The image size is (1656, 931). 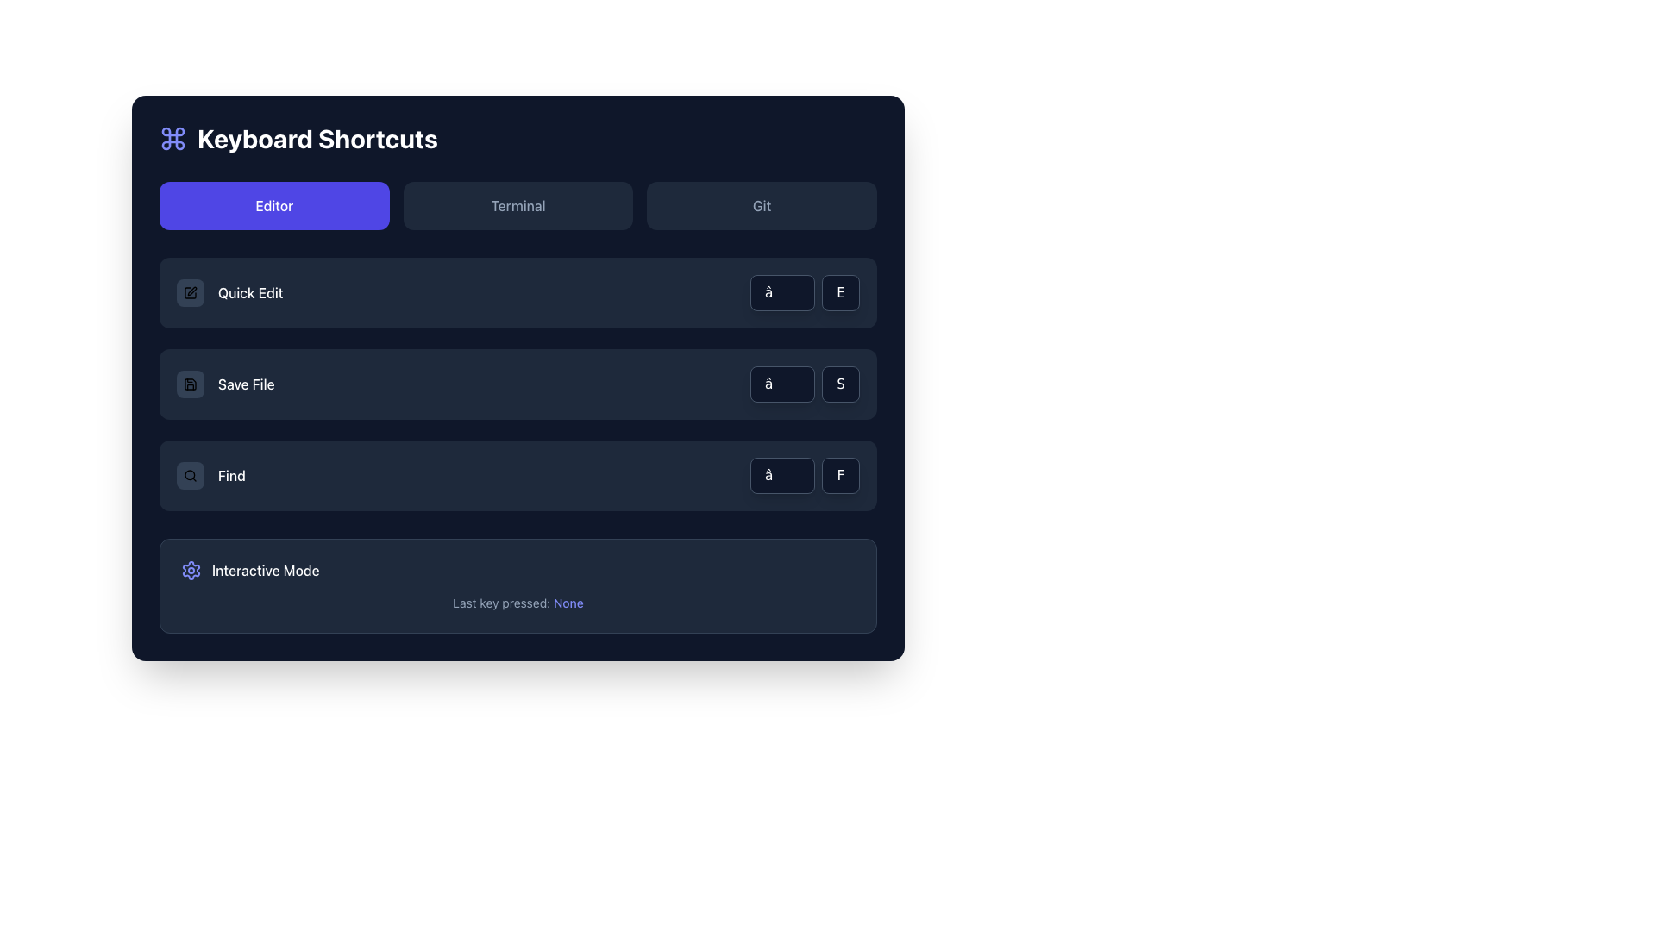 I want to click on the 'Find' icon located in the third row of the keyboard shortcut list, which visually represents the 'Find' functionality, so click(x=190, y=475).